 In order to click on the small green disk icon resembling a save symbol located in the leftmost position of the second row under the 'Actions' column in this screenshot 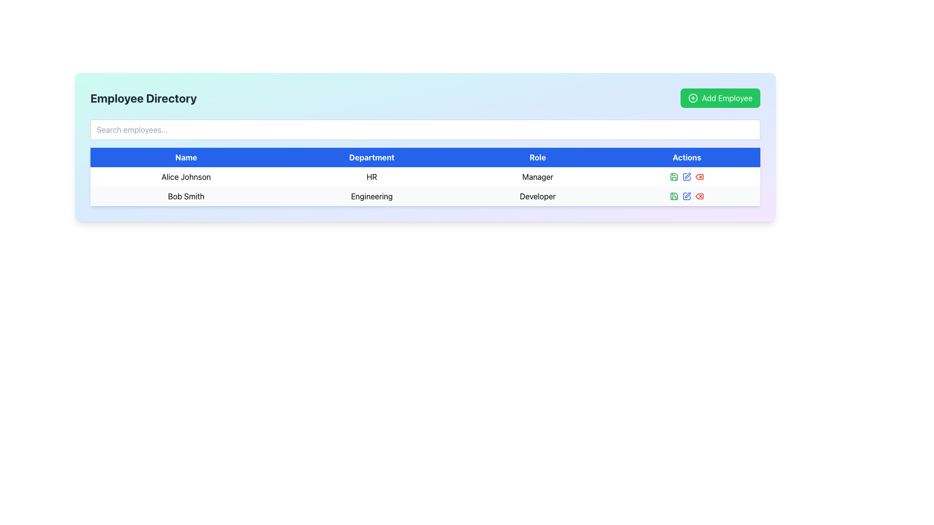, I will do `click(674, 176)`.